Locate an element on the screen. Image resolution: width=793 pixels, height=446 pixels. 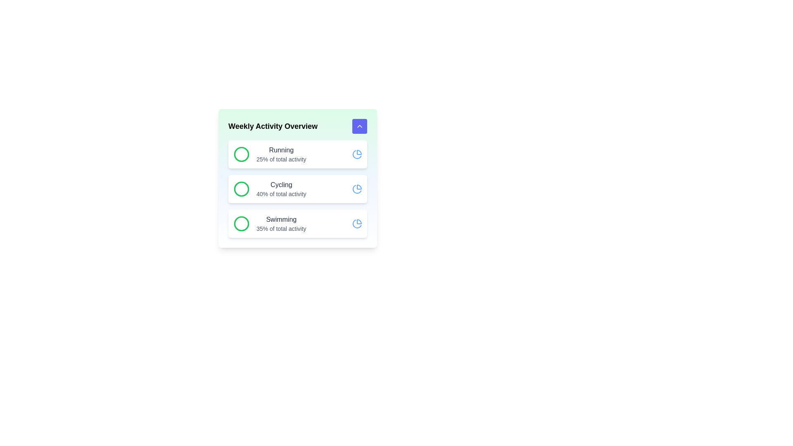
the circular icon with a green border located to the left of the 'Running' text in the 'Weekly Activity Overview' section is located at coordinates (241, 154).